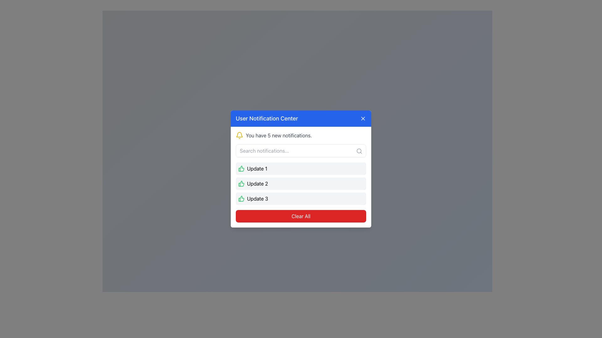  I want to click on the close button located at the top-right corner of the 'User Notification Center', so click(363, 118).